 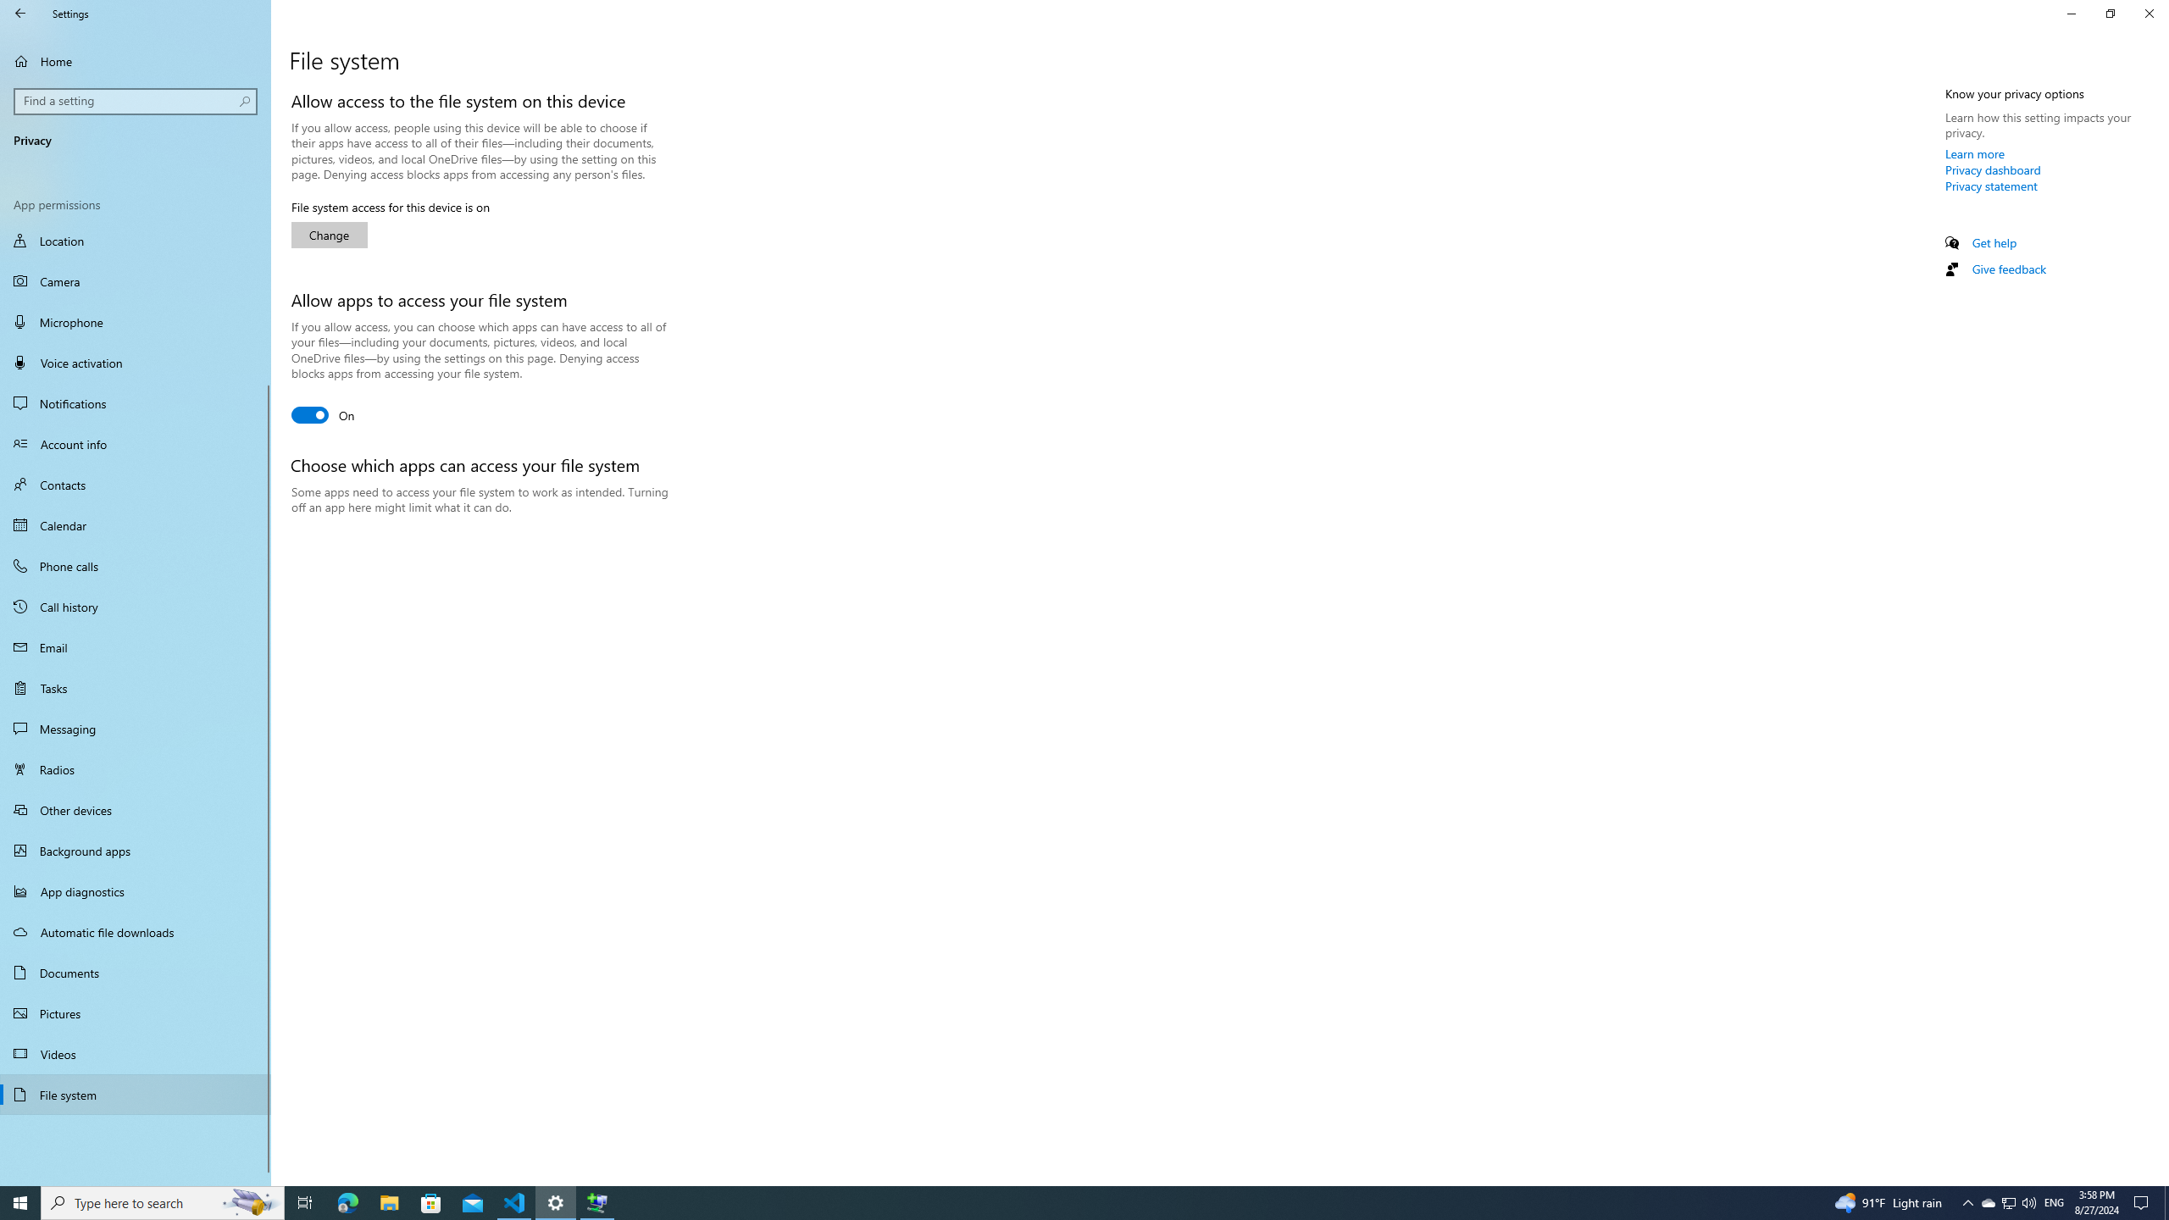 What do you see at coordinates (135, 565) in the screenshot?
I see `'Phone calls'` at bounding box center [135, 565].